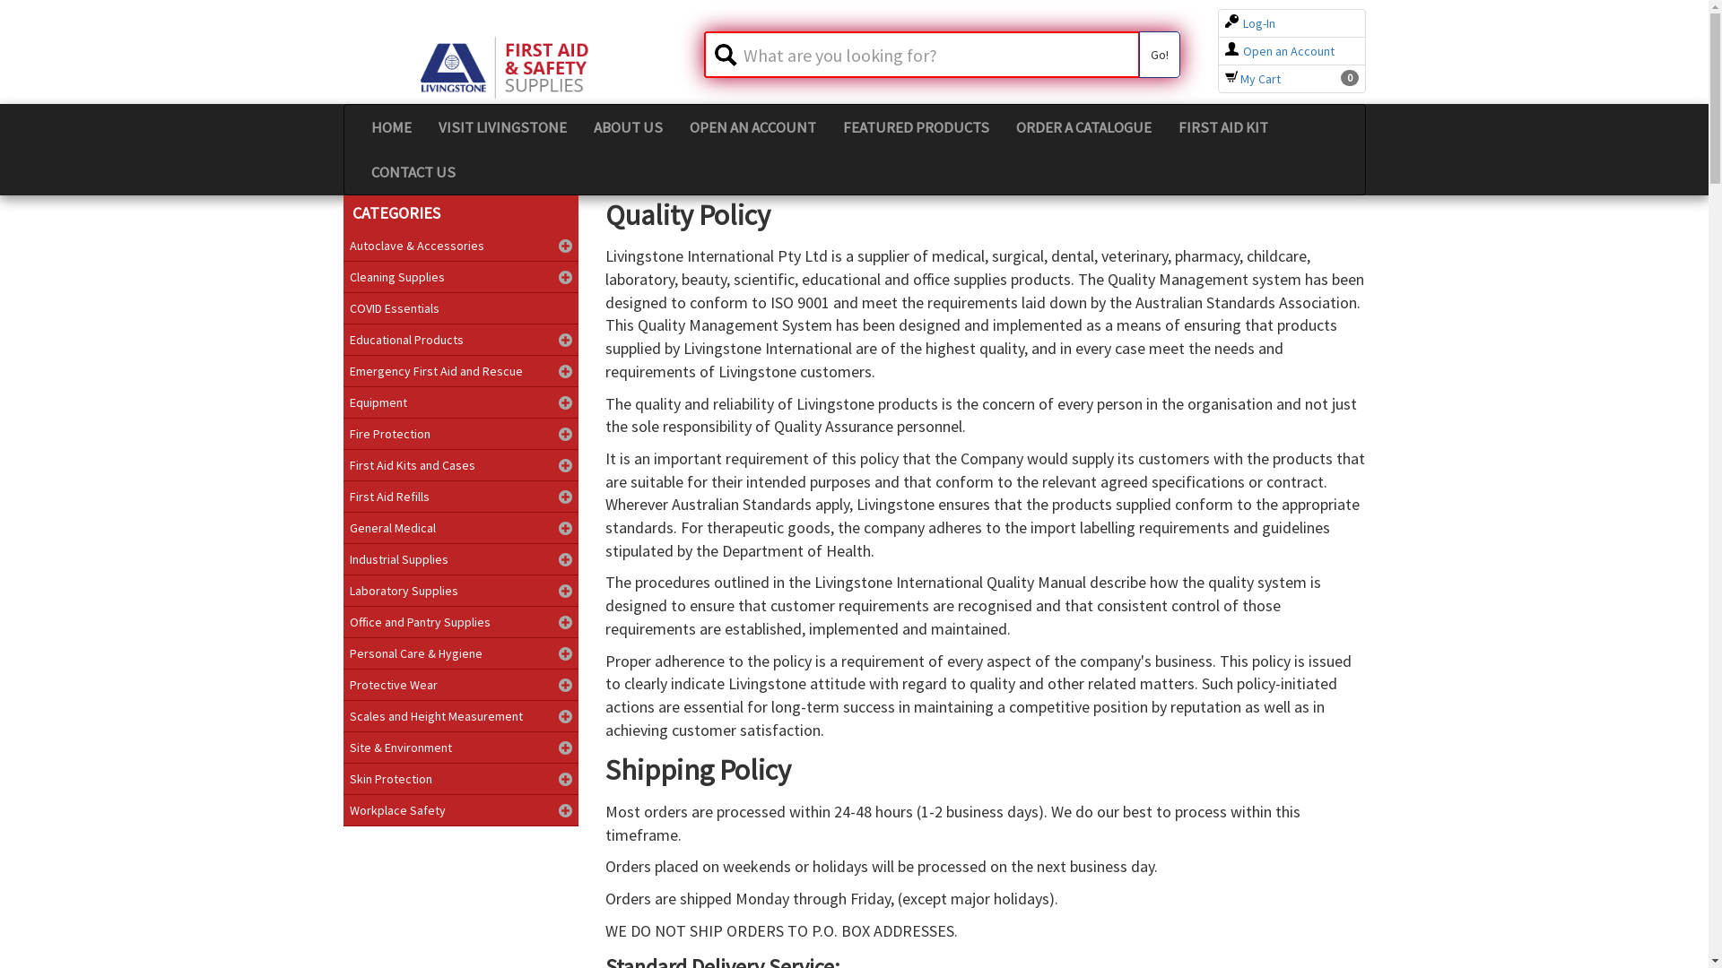  I want to click on 'COVID Essentials', so click(460, 307).